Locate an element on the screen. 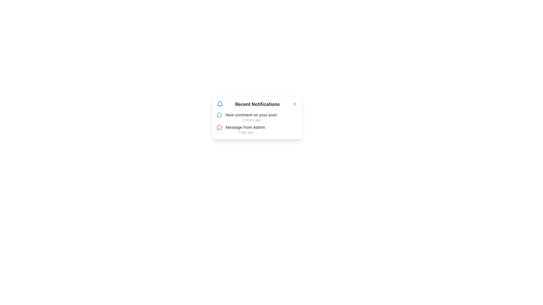  the small gray 'X' icon button located in the top-right corner of the 'Recent Notifications' section is located at coordinates (294, 104).